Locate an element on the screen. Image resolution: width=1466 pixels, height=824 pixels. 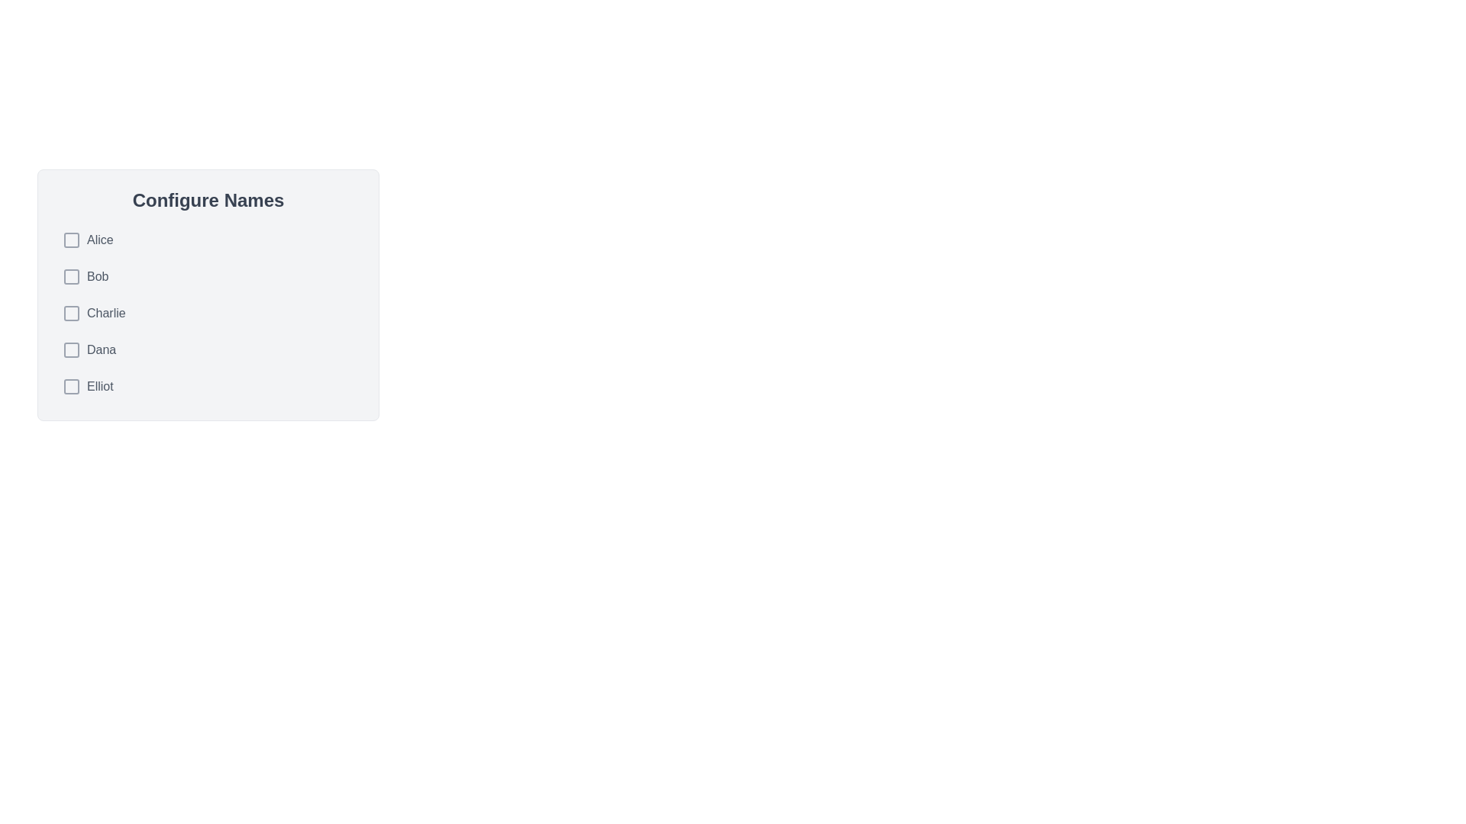
the checkbox labeled 'Bob' which is the second option under 'Configure Names' is located at coordinates (71, 276).